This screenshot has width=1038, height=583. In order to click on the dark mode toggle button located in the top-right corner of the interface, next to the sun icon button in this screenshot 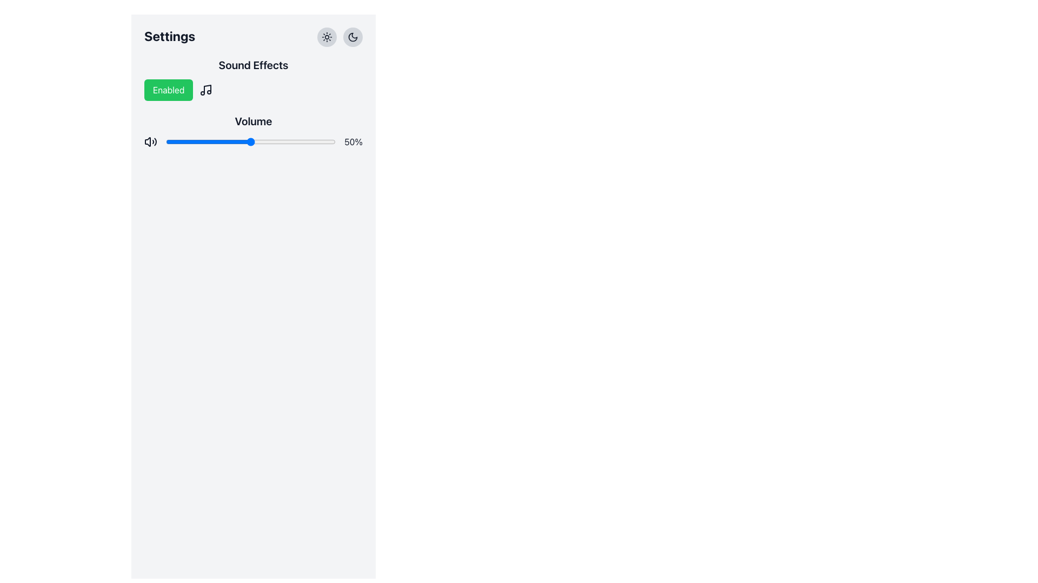, I will do `click(352, 37)`.